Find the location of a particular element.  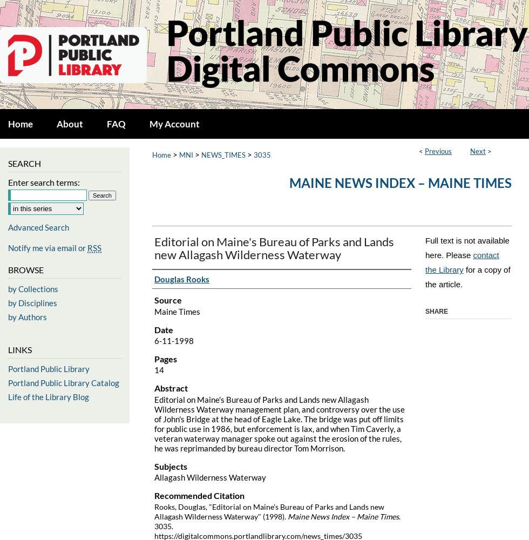

'FAQ' is located at coordinates (116, 123).